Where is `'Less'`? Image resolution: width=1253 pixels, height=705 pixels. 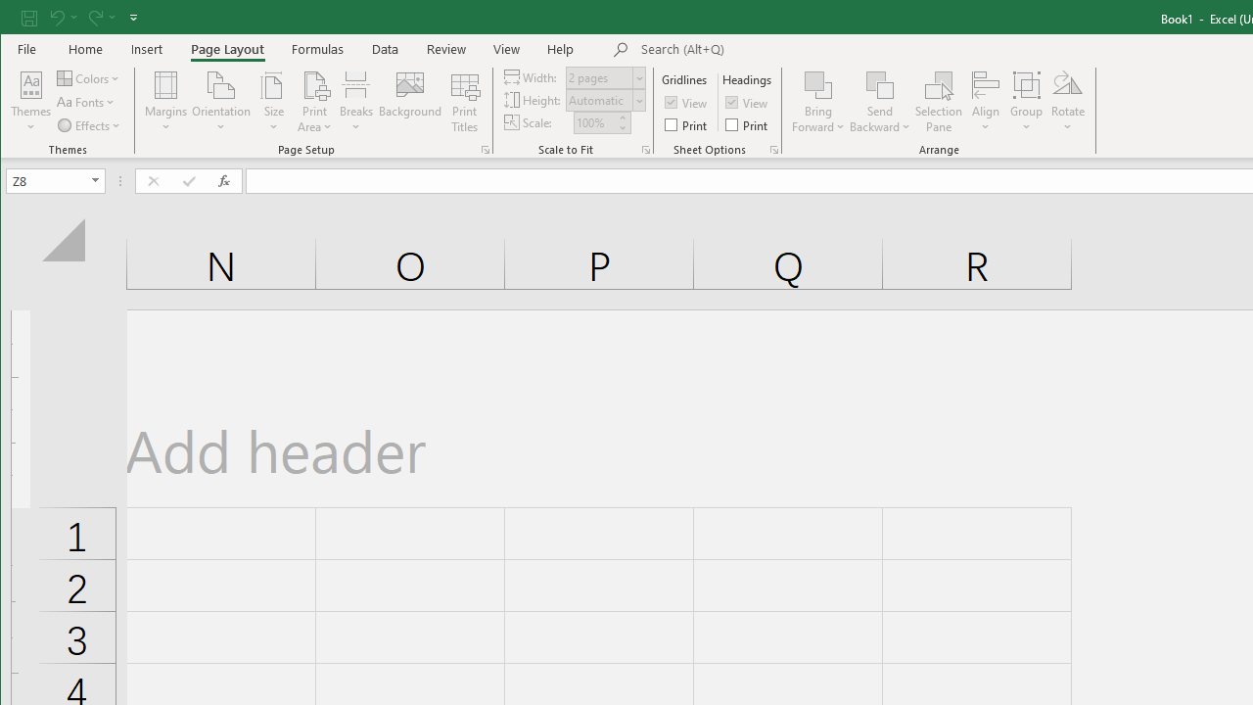 'Less' is located at coordinates (621, 127).